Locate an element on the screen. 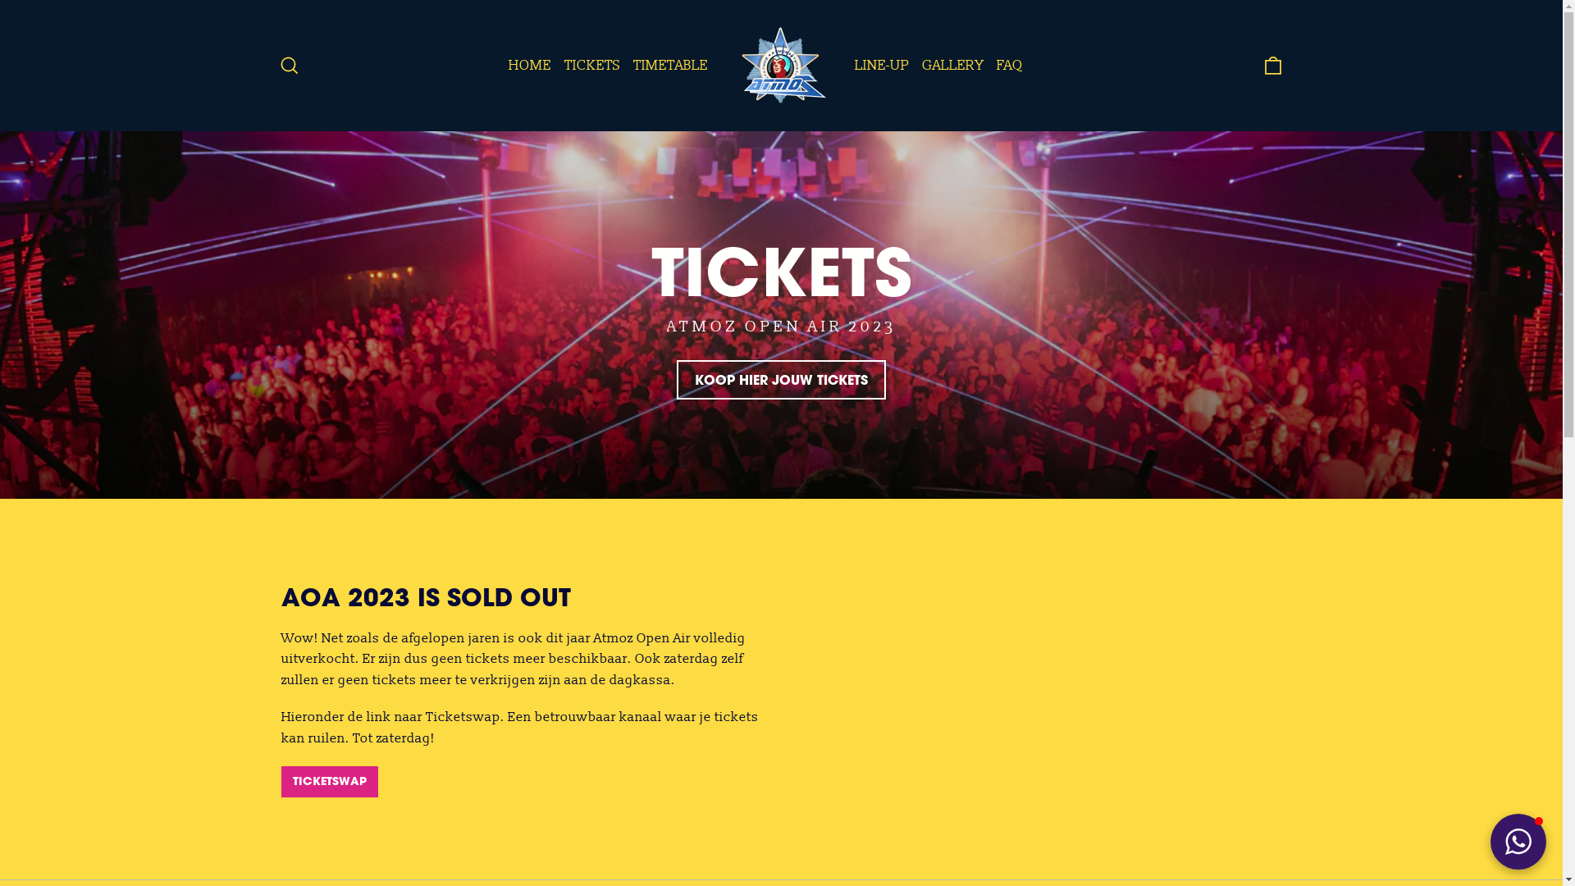 Image resolution: width=1575 pixels, height=886 pixels. 'FAQ' is located at coordinates (1008, 64).